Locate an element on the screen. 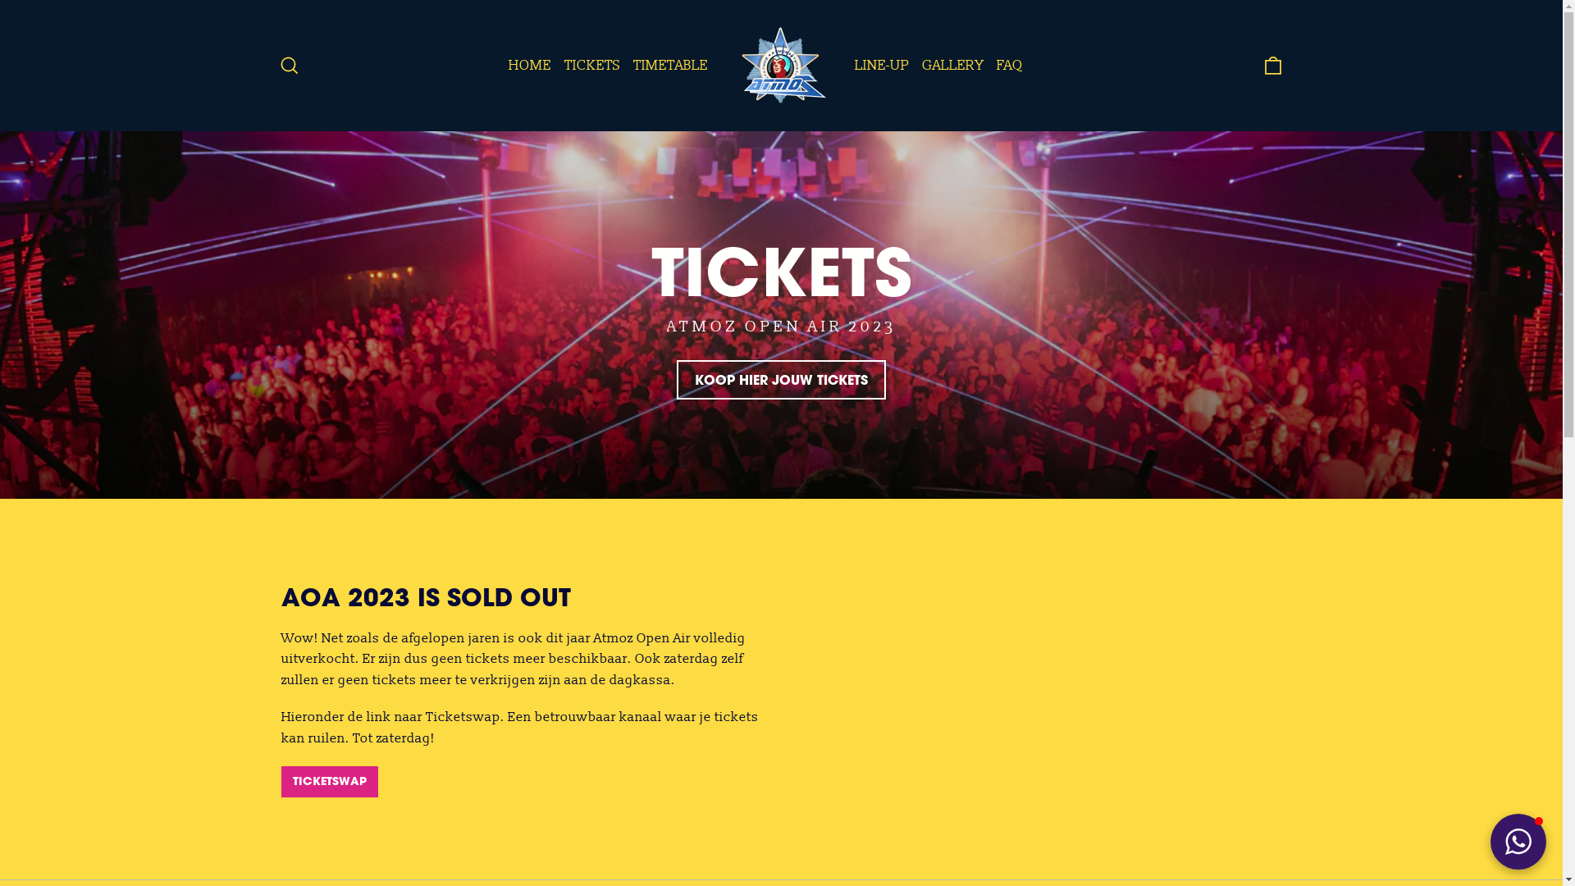 Image resolution: width=1575 pixels, height=886 pixels. 'FAQ' is located at coordinates (1008, 64).